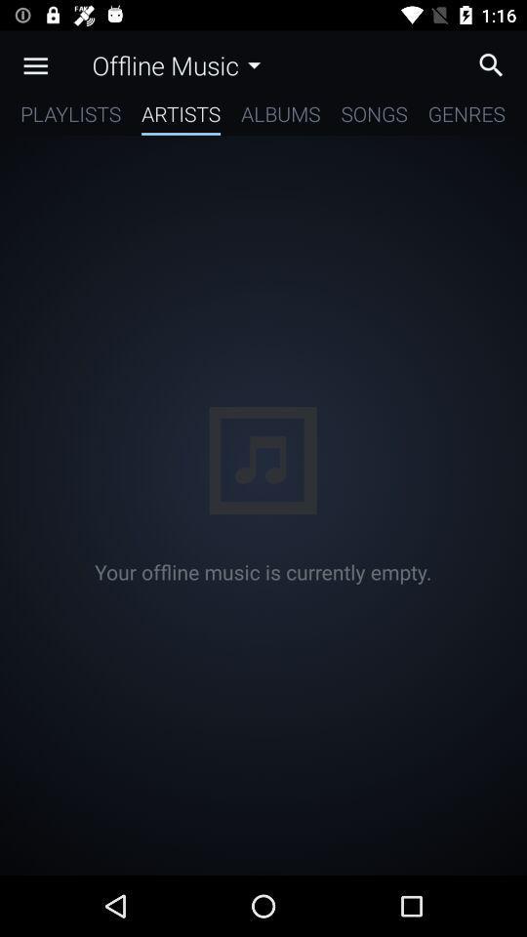 This screenshot has width=527, height=937. Describe the element at coordinates (263, 461) in the screenshot. I see `music icon on the middle` at that location.